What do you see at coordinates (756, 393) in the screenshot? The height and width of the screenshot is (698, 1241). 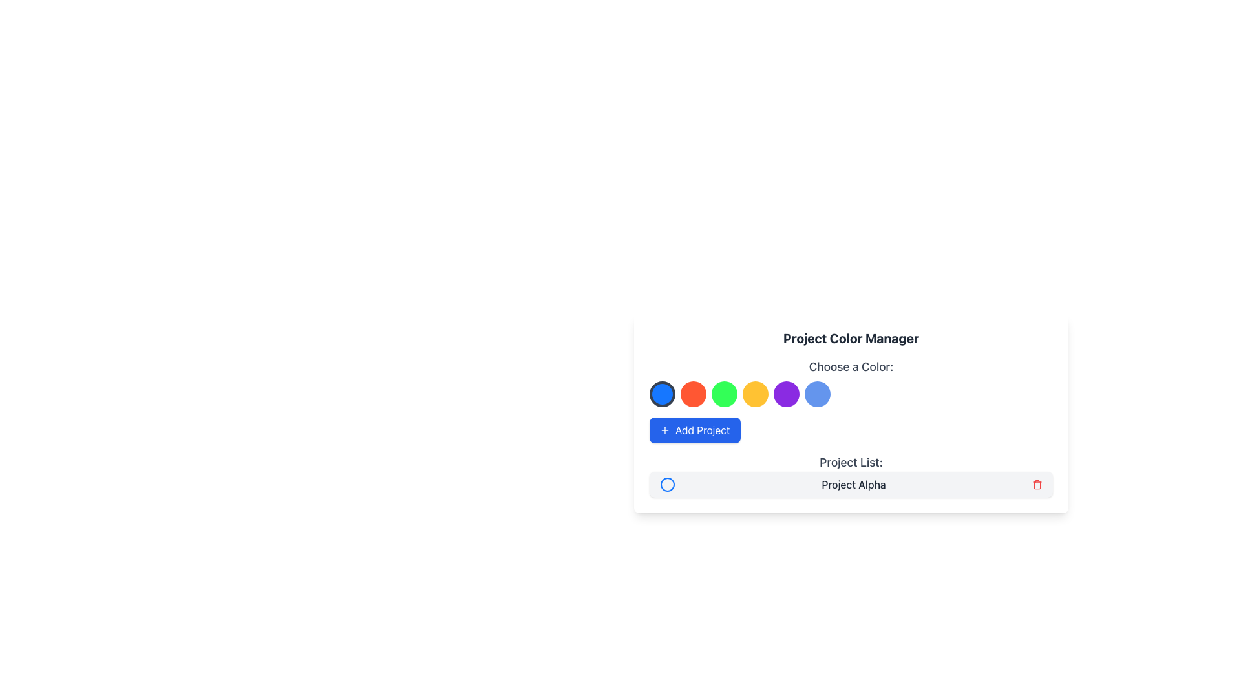 I see `the fourth circular button that allows the user to select yellow in the 'Choose a Color' section` at bounding box center [756, 393].